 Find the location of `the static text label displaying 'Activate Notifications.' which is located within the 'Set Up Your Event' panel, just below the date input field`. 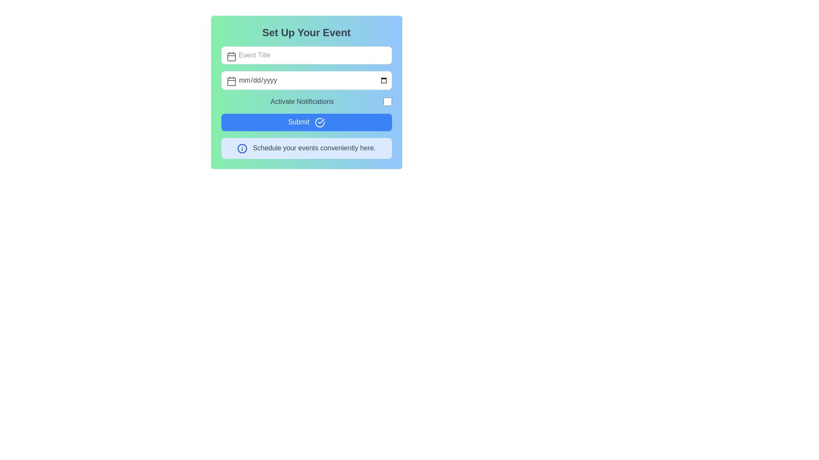

the static text label displaying 'Activate Notifications.' which is located within the 'Set Up Your Event' panel, just below the date input field is located at coordinates (302, 101).